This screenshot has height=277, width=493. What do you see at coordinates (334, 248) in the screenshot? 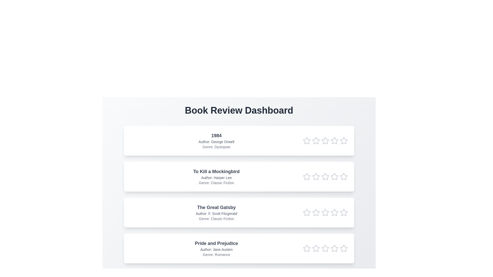
I see `the rating of the book 'Pride and Prejudice' to 4 stars by clicking on the respective star` at bounding box center [334, 248].